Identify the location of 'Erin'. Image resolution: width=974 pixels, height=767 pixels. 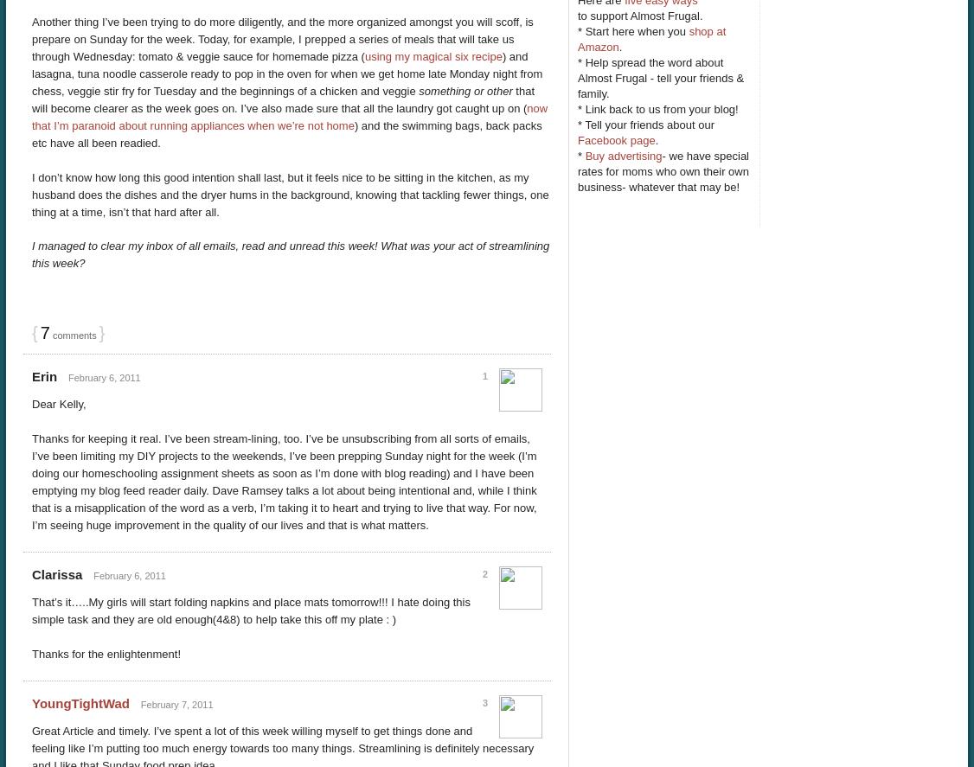
(43, 376).